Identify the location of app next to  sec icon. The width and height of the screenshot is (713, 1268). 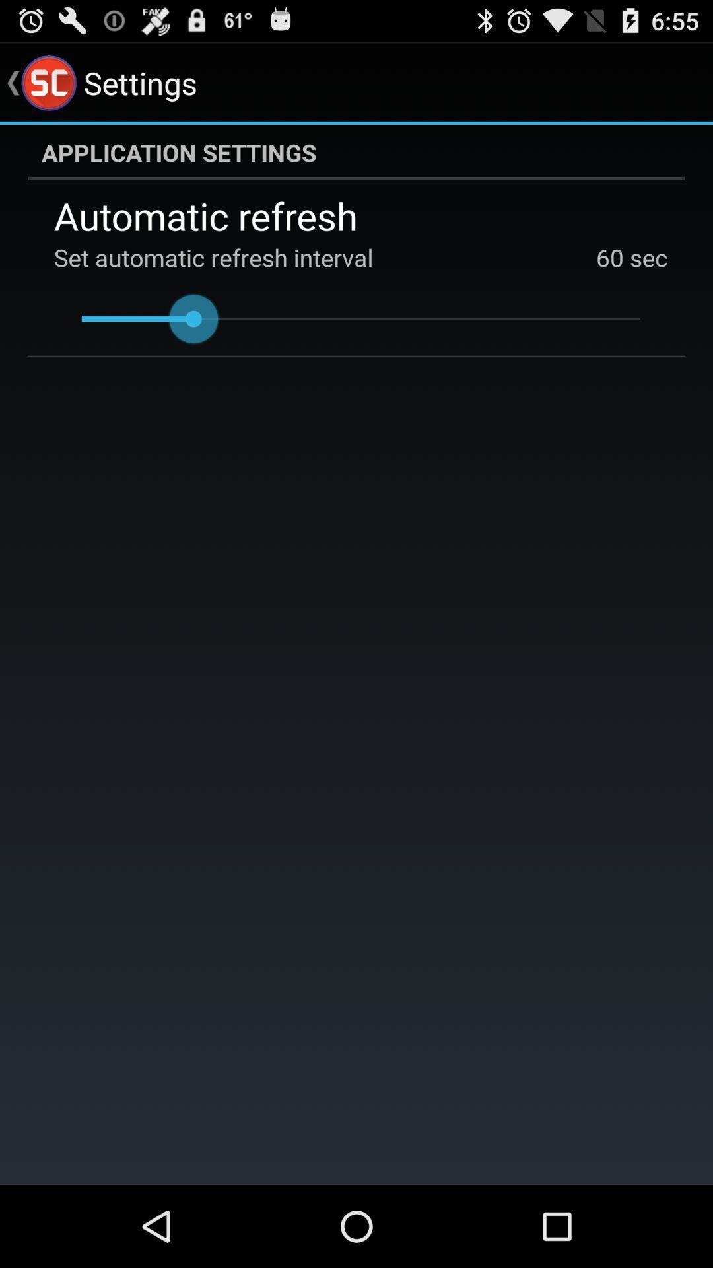
(610, 257).